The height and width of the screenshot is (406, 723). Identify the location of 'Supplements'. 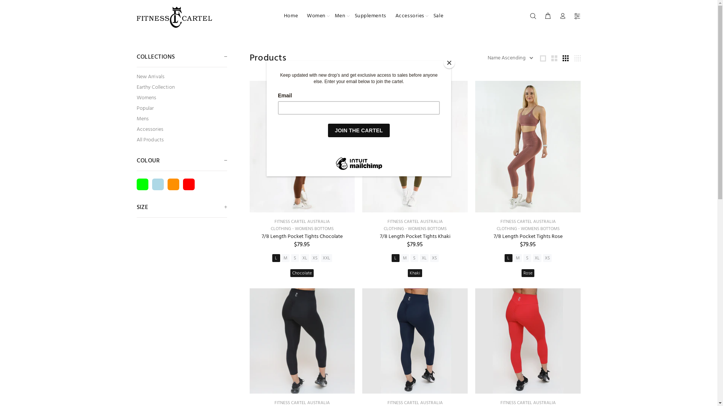
(350, 16).